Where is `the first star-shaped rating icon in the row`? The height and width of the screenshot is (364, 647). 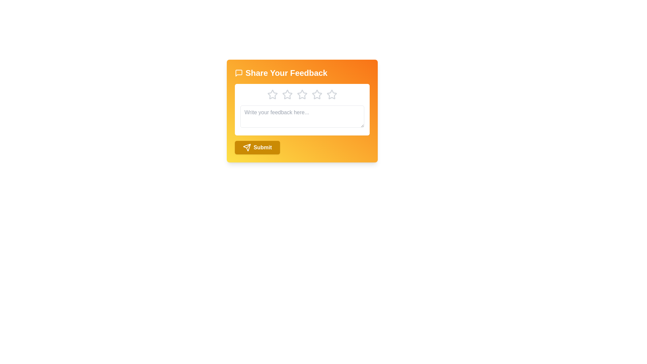 the first star-shaped rating icon in the row is located at coordinates (272, 94).